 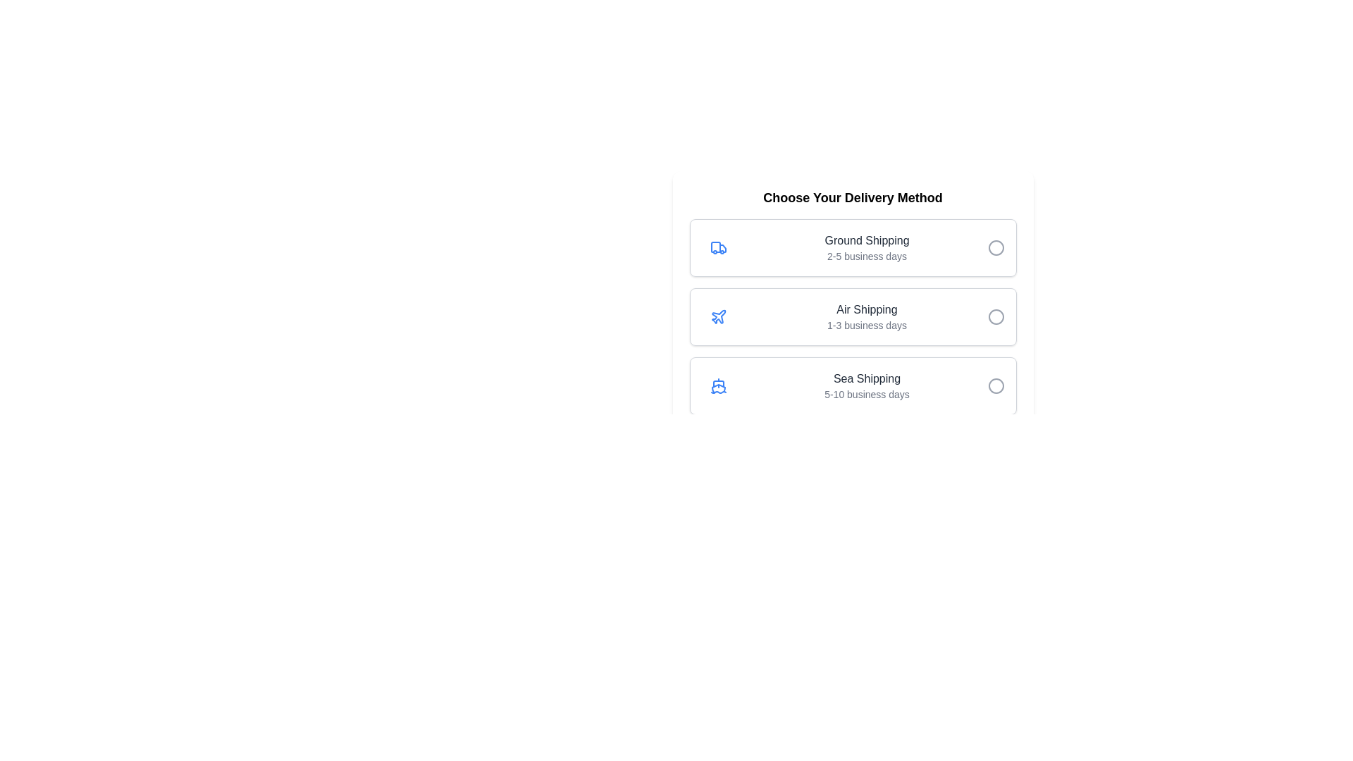 I want to click on the icon representing the cargo area of the truck for the 'Ground Shipping' option, which is the first icon in the delivery options list, located to the left of the 'Ground Shipping' label, so click(x=715, y=247).